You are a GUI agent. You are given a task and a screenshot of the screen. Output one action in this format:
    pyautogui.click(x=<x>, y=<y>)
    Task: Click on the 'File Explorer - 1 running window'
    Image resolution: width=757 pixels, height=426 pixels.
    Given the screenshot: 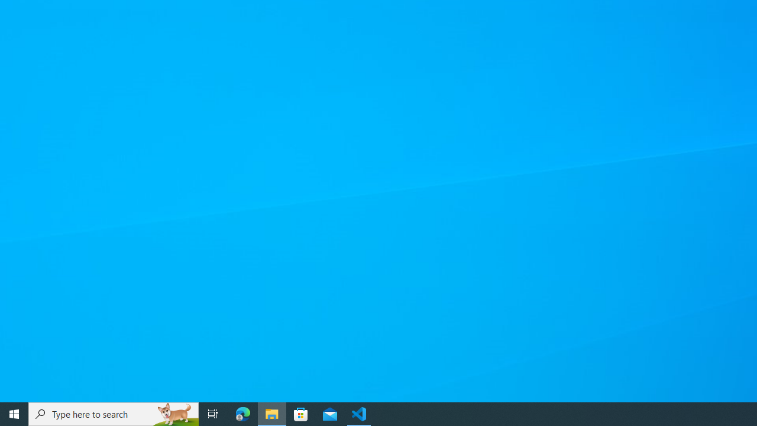 What is the action you would take?
    pyautogui.click(x=271, y=413)
    